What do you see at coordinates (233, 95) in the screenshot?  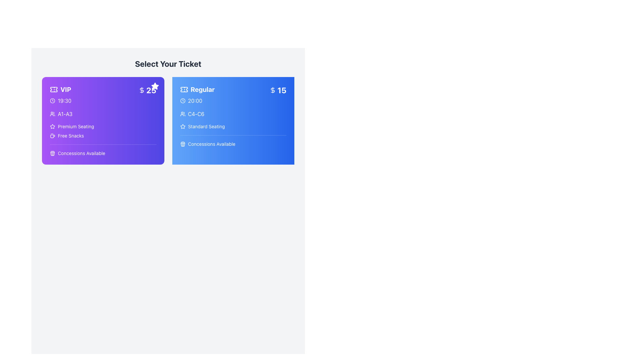 I see `the ticket option button that displays seat type as Regular, price as $15, and time as 20:00, located in the 'Select Your Ticket' section within the blue panel` at bounding box center [233, 95].